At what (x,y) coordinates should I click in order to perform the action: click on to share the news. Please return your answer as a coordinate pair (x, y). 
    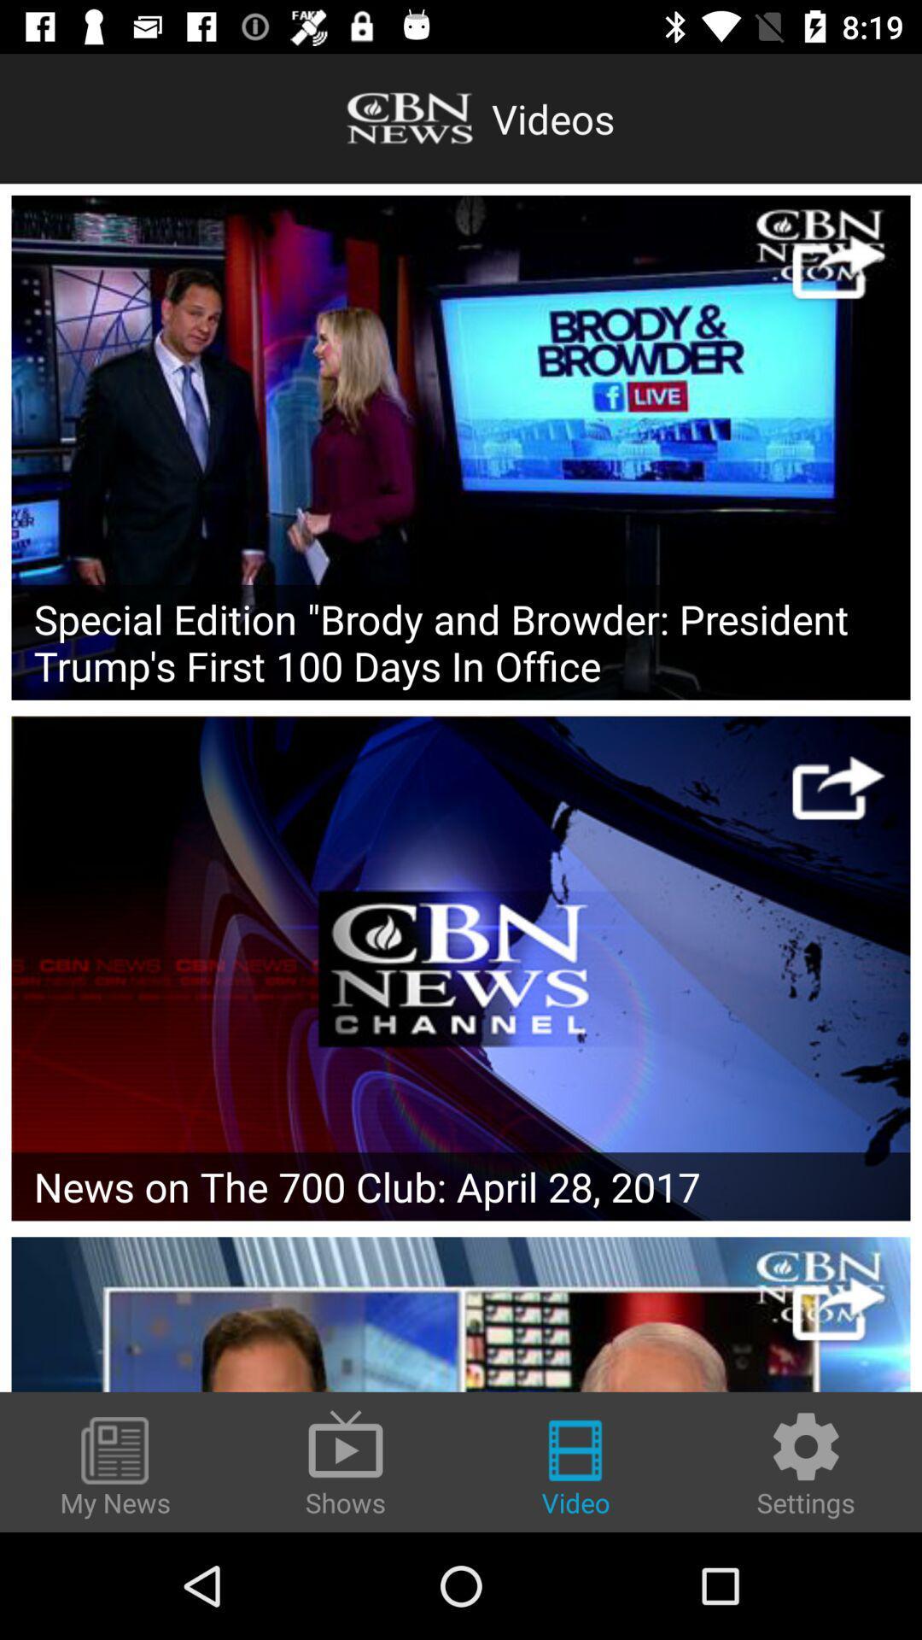
    Looking at the image, I should click on (837, 787).